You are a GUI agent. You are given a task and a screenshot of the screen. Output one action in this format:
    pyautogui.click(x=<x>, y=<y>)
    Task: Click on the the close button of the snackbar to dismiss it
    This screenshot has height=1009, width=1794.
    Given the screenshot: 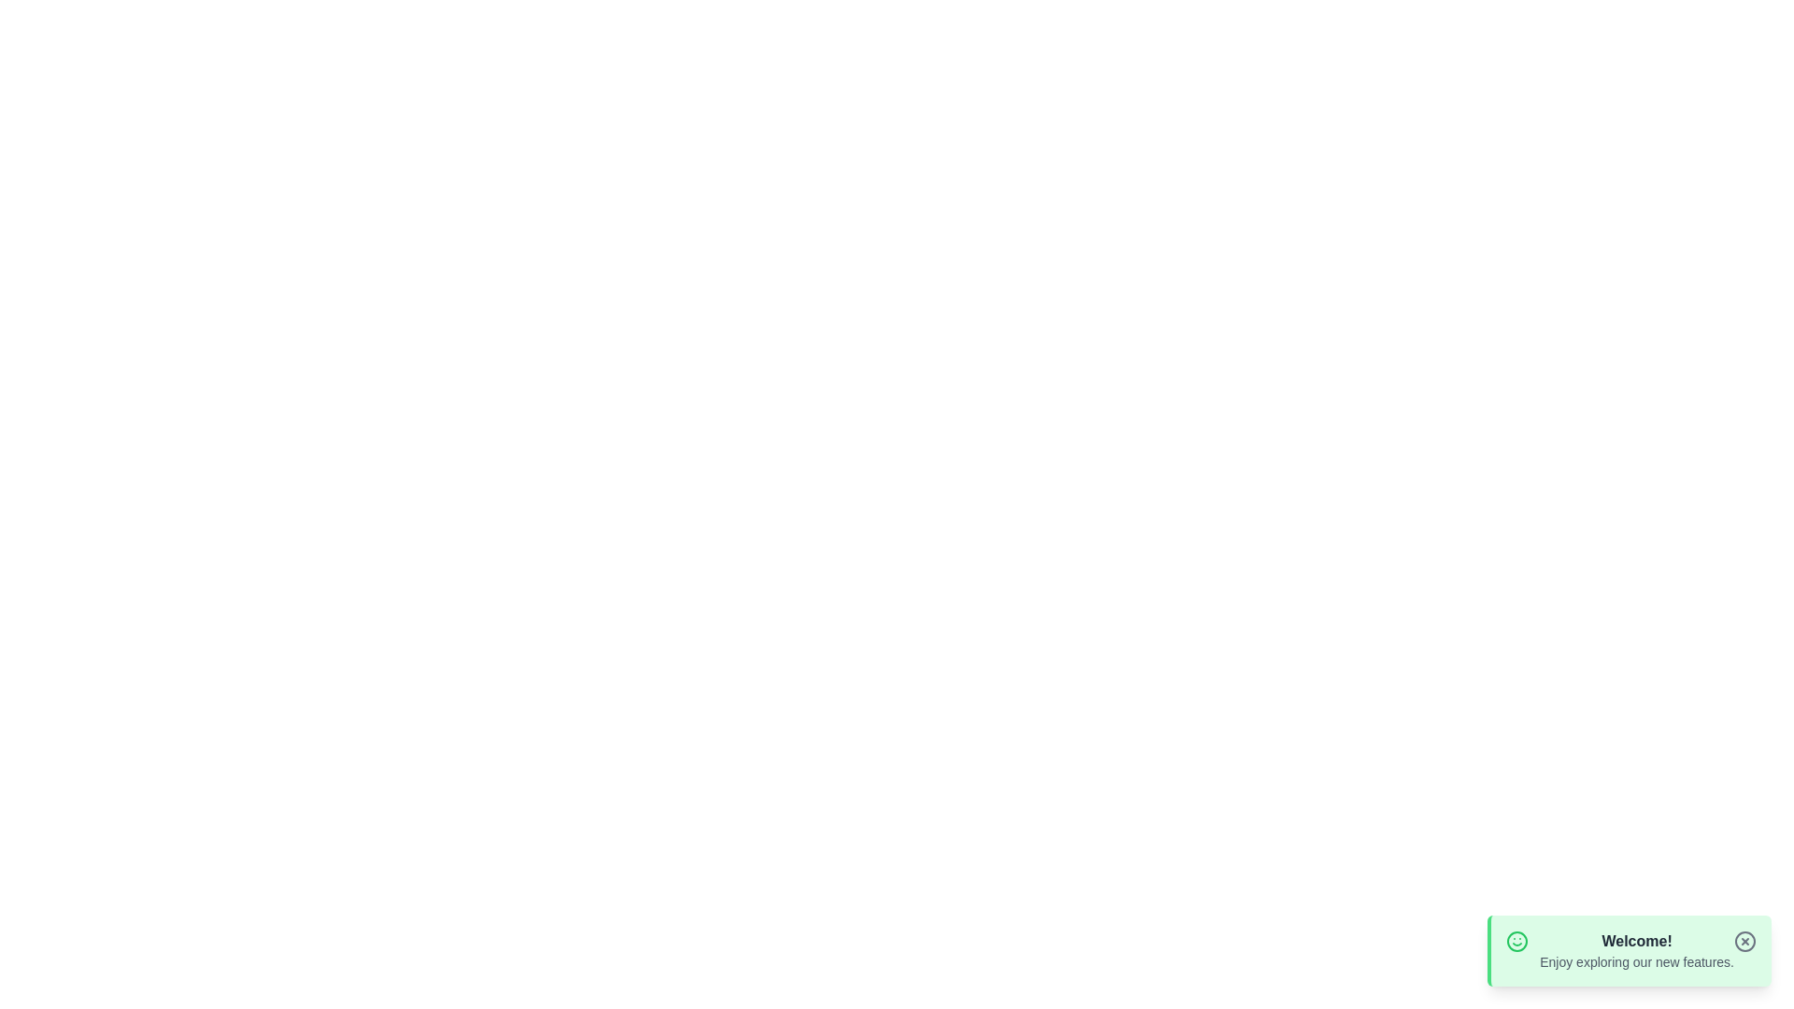 What is the action you would take?
    pyautogui.click(x=1744, y=941)
    